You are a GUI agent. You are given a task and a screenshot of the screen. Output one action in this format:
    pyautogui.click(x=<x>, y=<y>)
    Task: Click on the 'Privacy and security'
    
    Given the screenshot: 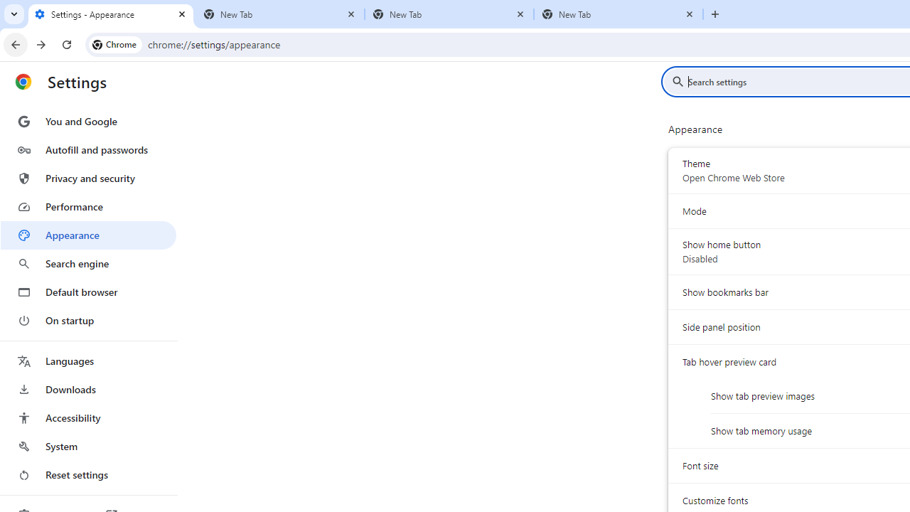 What is the action you would take?
    pyautogui.click(x=87, y=177)
    